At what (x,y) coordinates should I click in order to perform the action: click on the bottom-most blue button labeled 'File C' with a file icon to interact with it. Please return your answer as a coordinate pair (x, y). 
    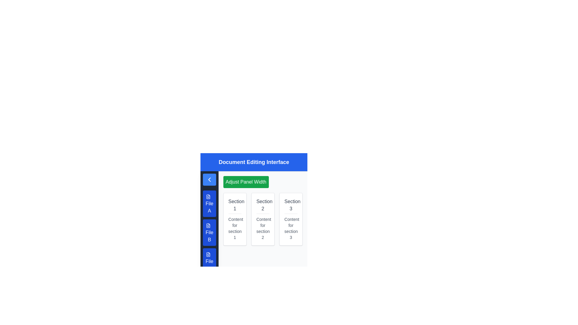
    Looking at the image, I should click on (209, 261).